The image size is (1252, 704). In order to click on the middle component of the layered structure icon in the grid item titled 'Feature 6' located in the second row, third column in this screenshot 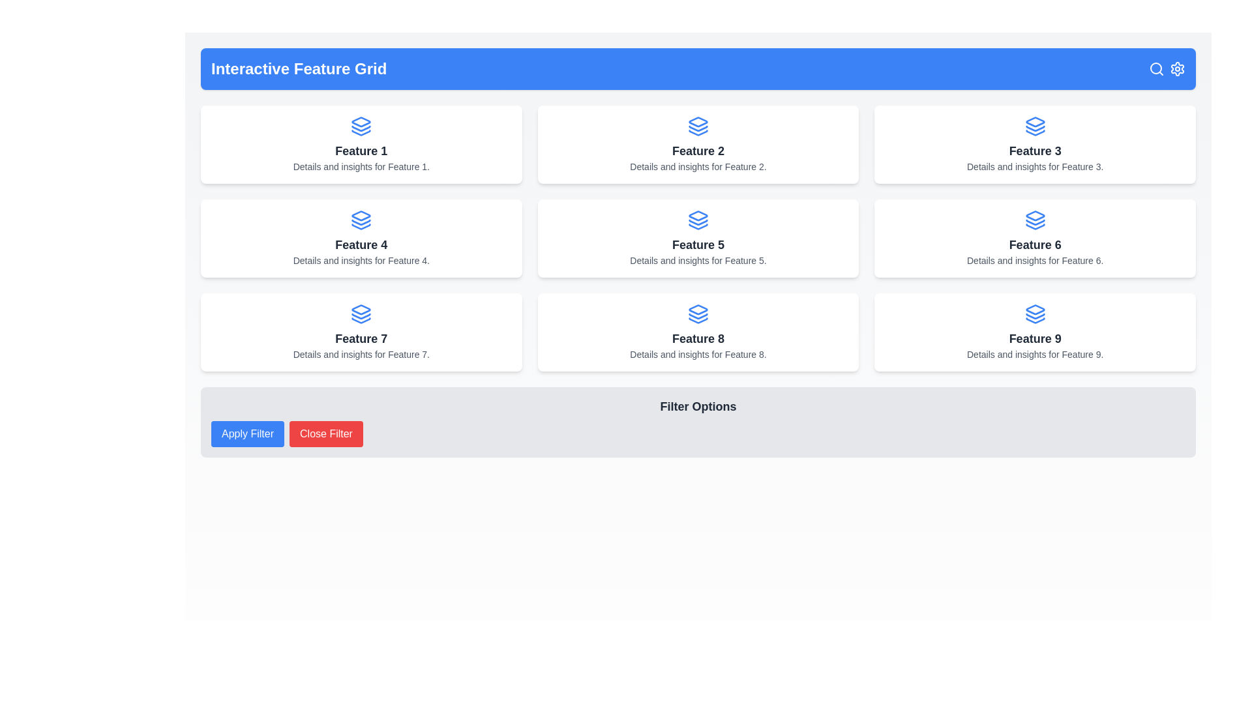, I will do `click(1034, 222)`.